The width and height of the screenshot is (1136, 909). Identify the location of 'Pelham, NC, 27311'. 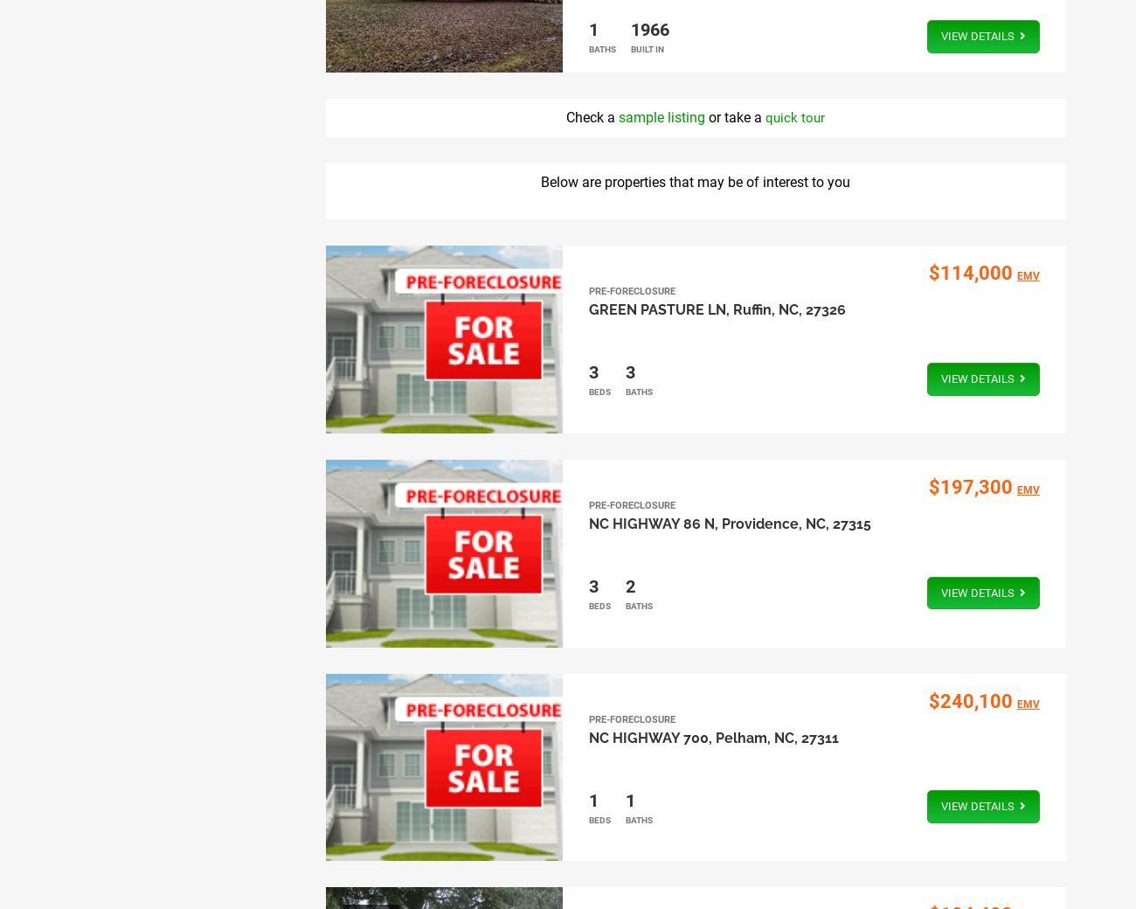
(775, 736).